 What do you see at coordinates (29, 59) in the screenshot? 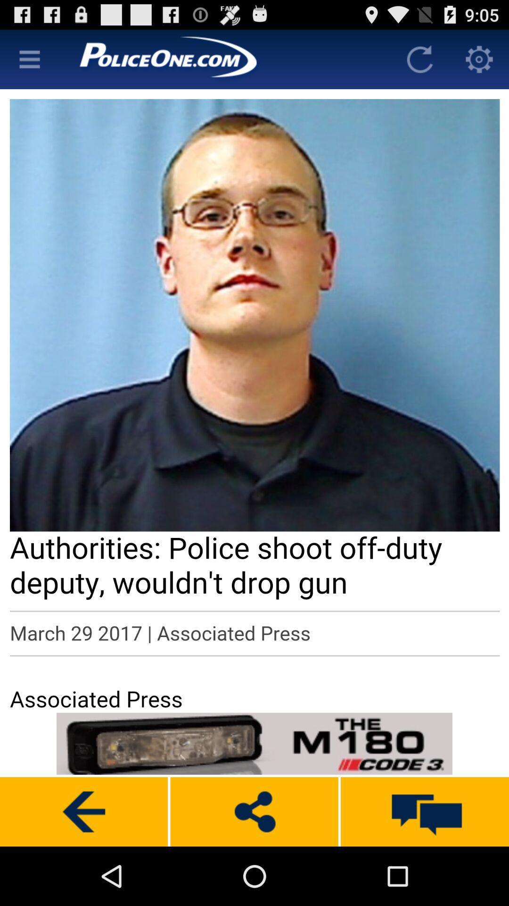
I see `poliice one app menu` at bounding box center [29, 59].